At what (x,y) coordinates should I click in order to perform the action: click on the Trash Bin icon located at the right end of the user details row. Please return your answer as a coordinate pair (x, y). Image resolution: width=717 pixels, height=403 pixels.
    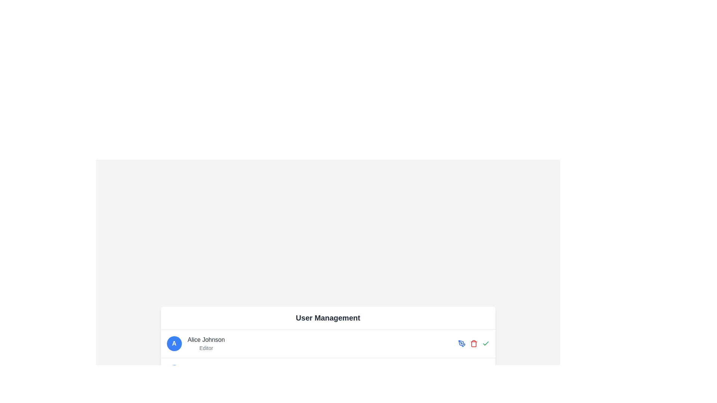
    Looking at the image, I should click on (473, 344).